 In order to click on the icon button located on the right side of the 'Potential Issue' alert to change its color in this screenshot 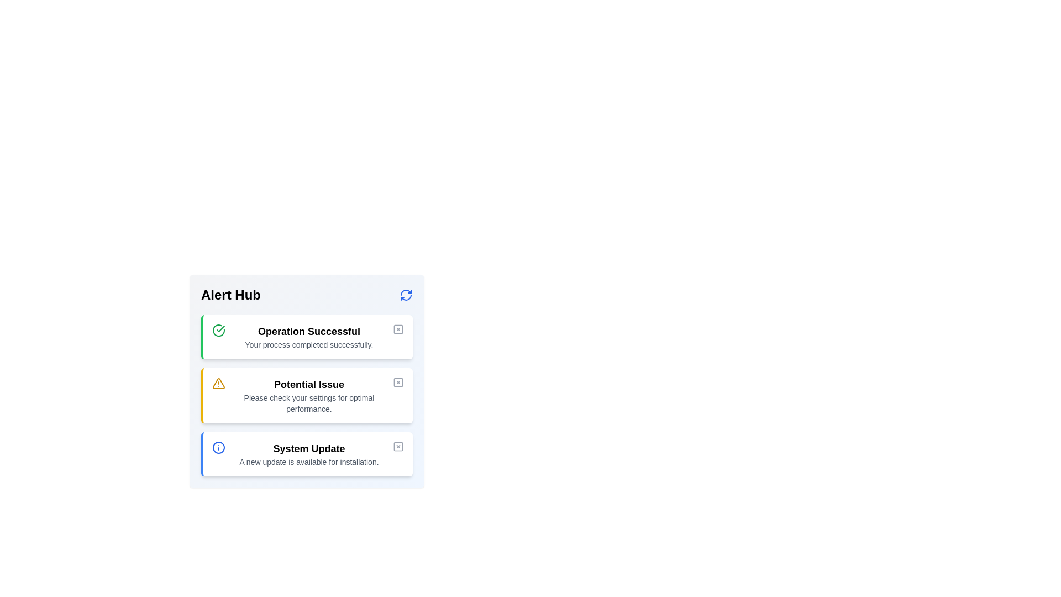, I will do `click(398, 381)`.